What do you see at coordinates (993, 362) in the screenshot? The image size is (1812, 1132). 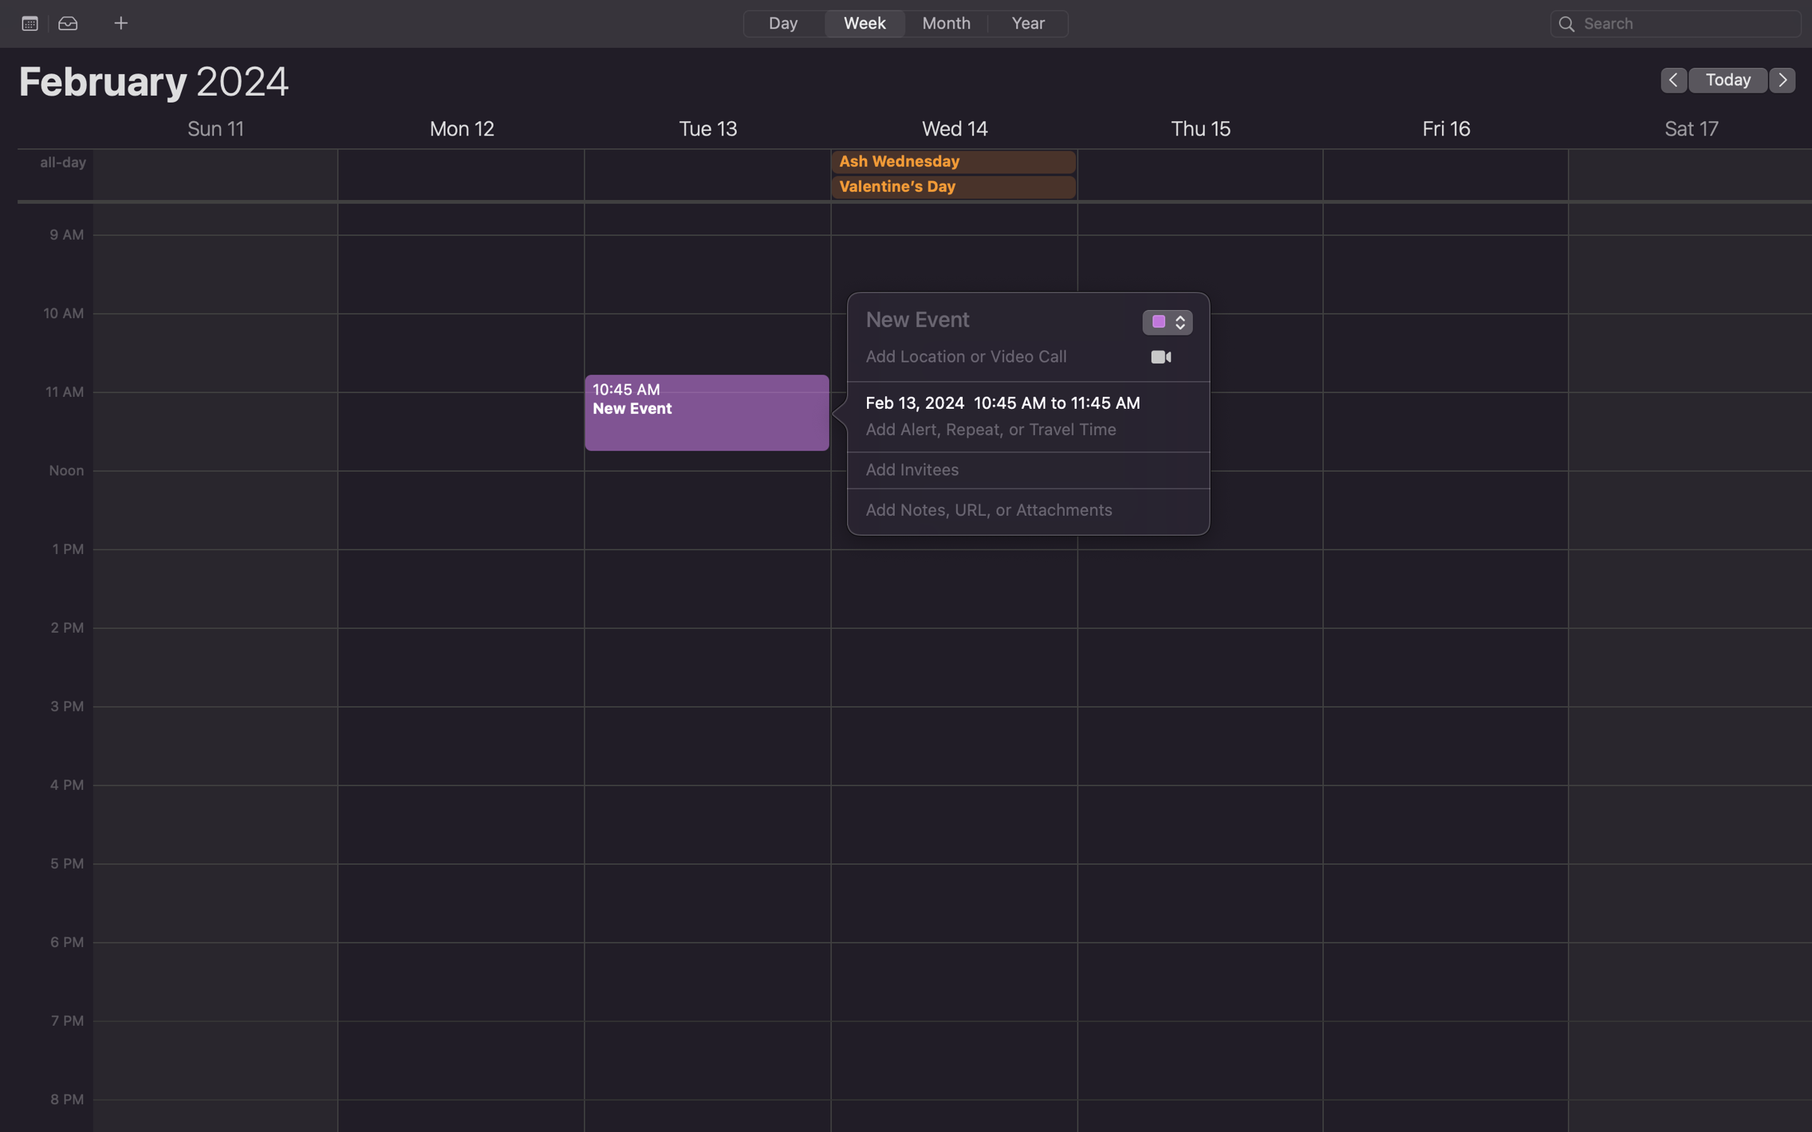 I see `Input the place "Gates Hillman Center" into the location field` at bounding box center [993, 362].